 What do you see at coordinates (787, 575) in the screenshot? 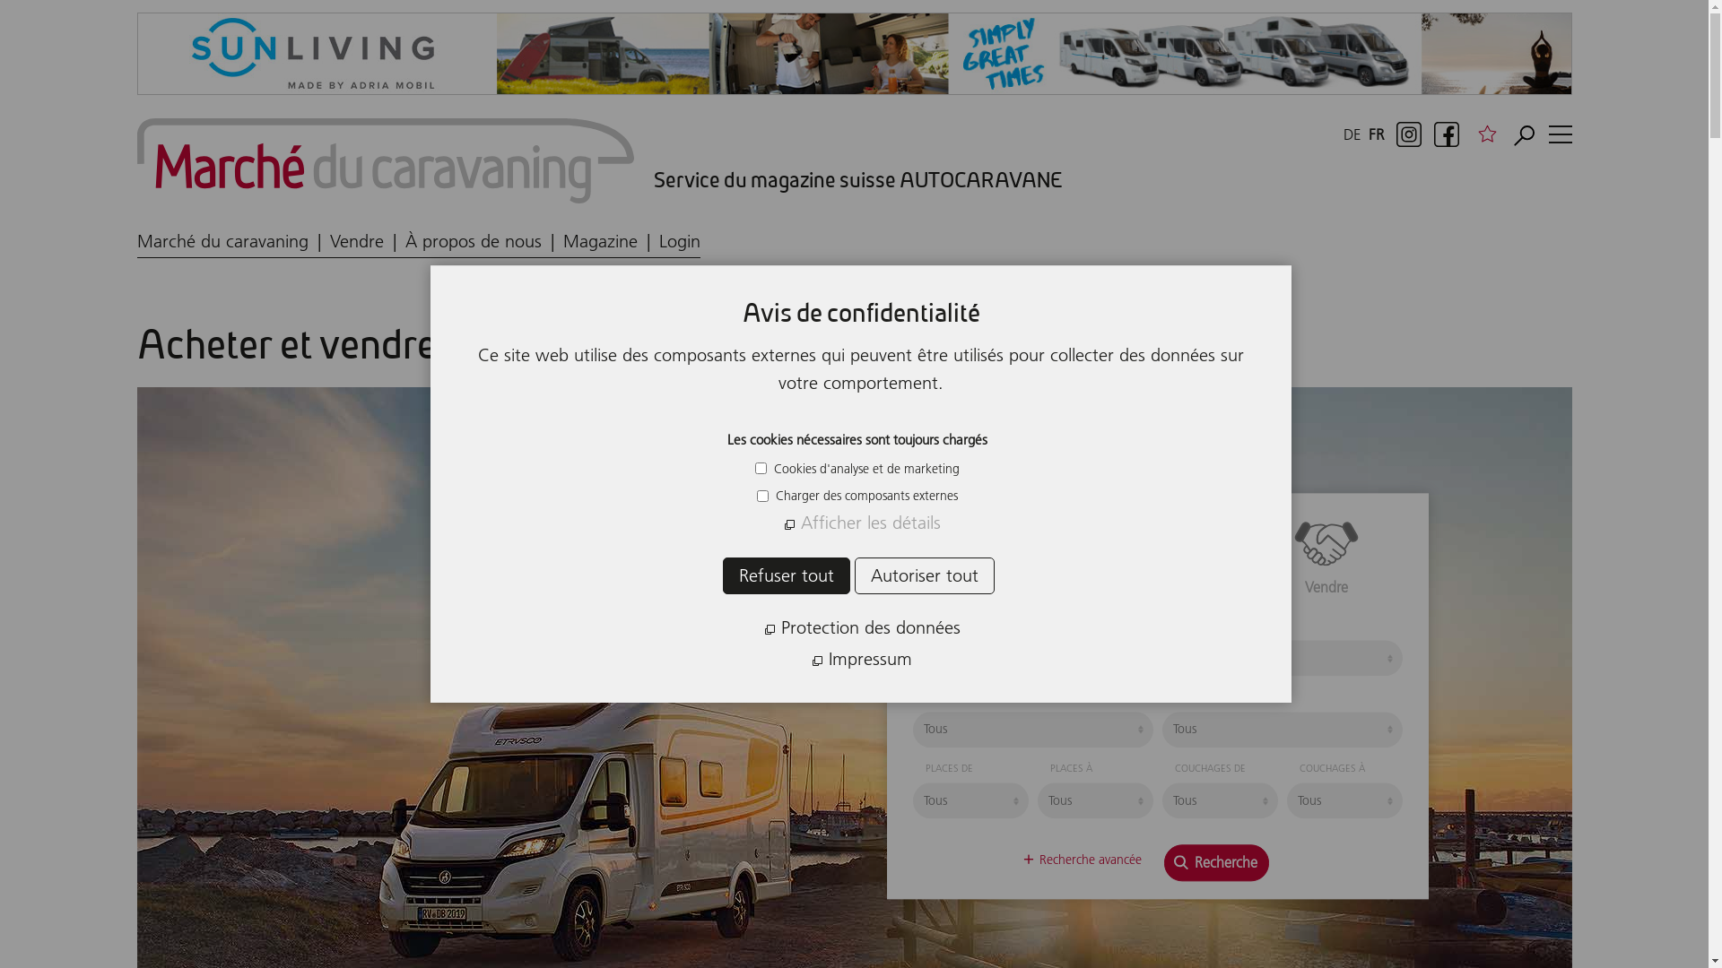
I see `'Refuser tout'` at bounding box center [787, 575].